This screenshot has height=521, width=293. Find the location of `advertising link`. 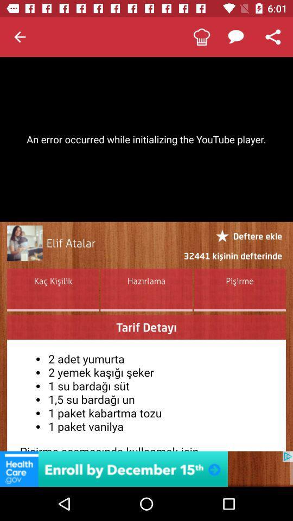

advertising link is located at coordinates (146, 468).